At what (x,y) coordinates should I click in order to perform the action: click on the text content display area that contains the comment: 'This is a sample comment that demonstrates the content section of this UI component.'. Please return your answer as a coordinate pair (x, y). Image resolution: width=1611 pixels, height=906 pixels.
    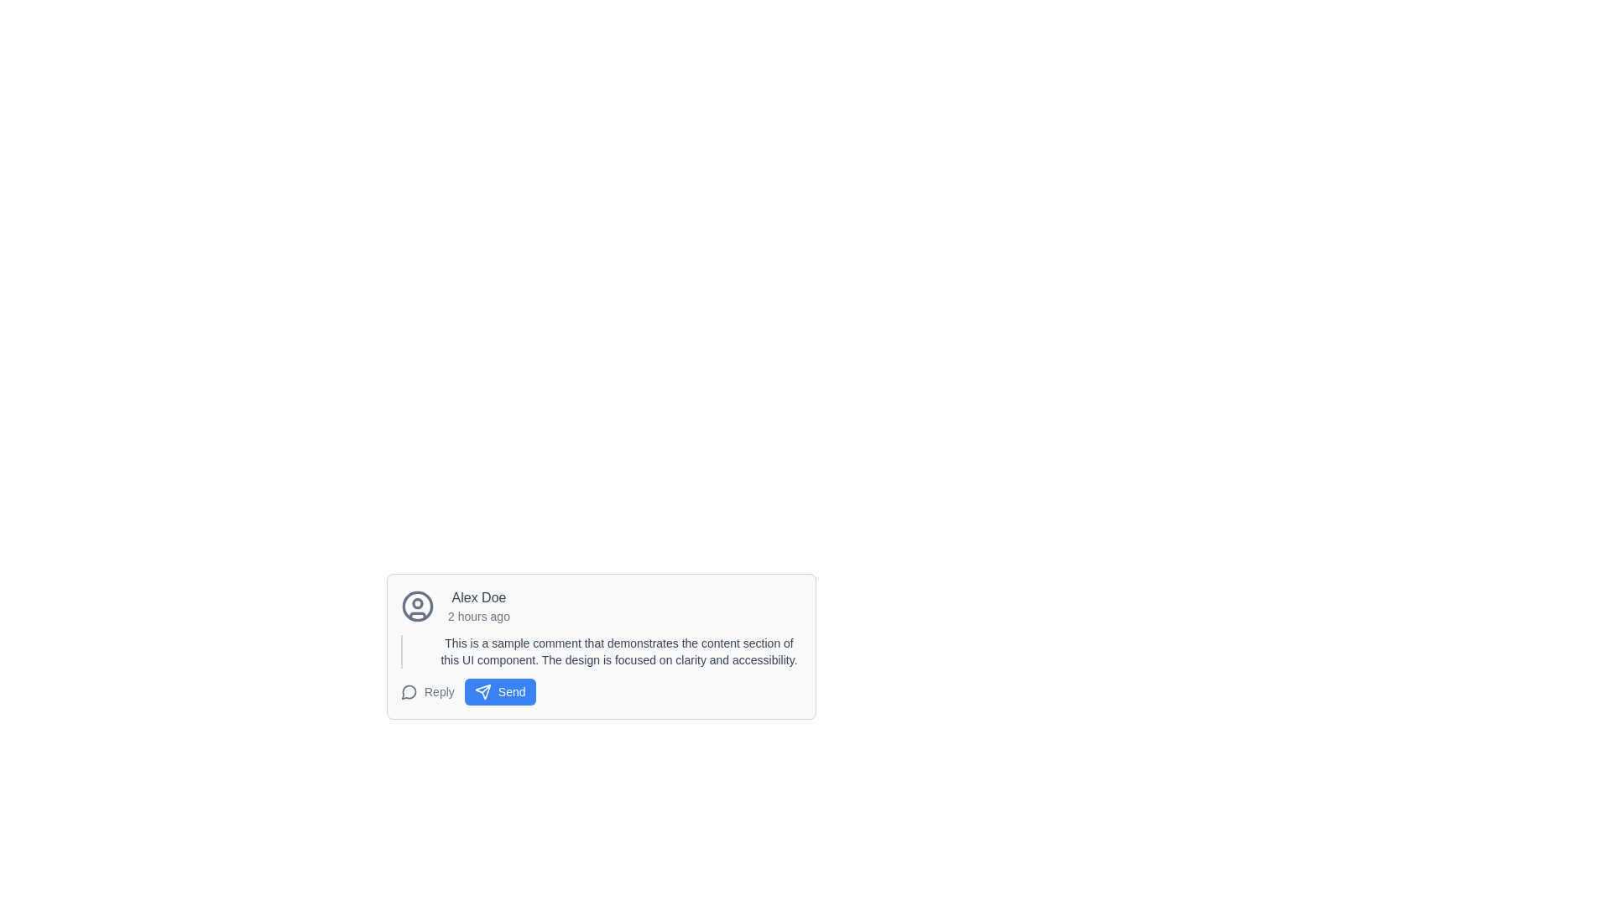
    Looking at the image, I should click on (601, 650).